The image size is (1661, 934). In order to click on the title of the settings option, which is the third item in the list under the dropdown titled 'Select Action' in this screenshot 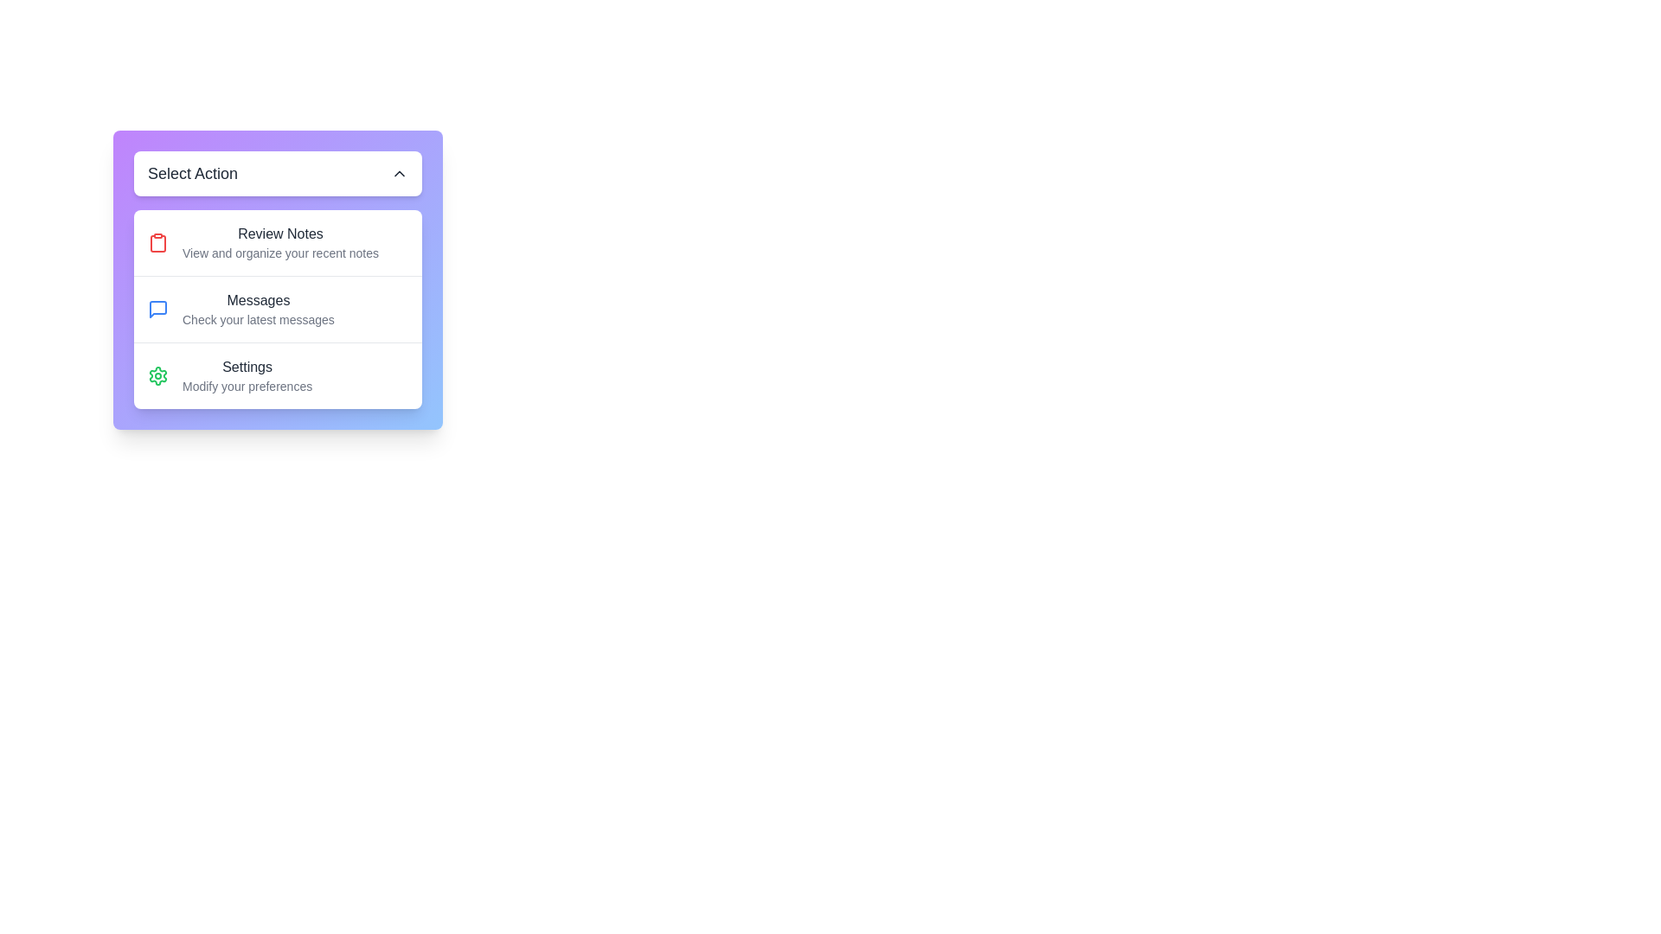, I will do `click(247, 375)`.